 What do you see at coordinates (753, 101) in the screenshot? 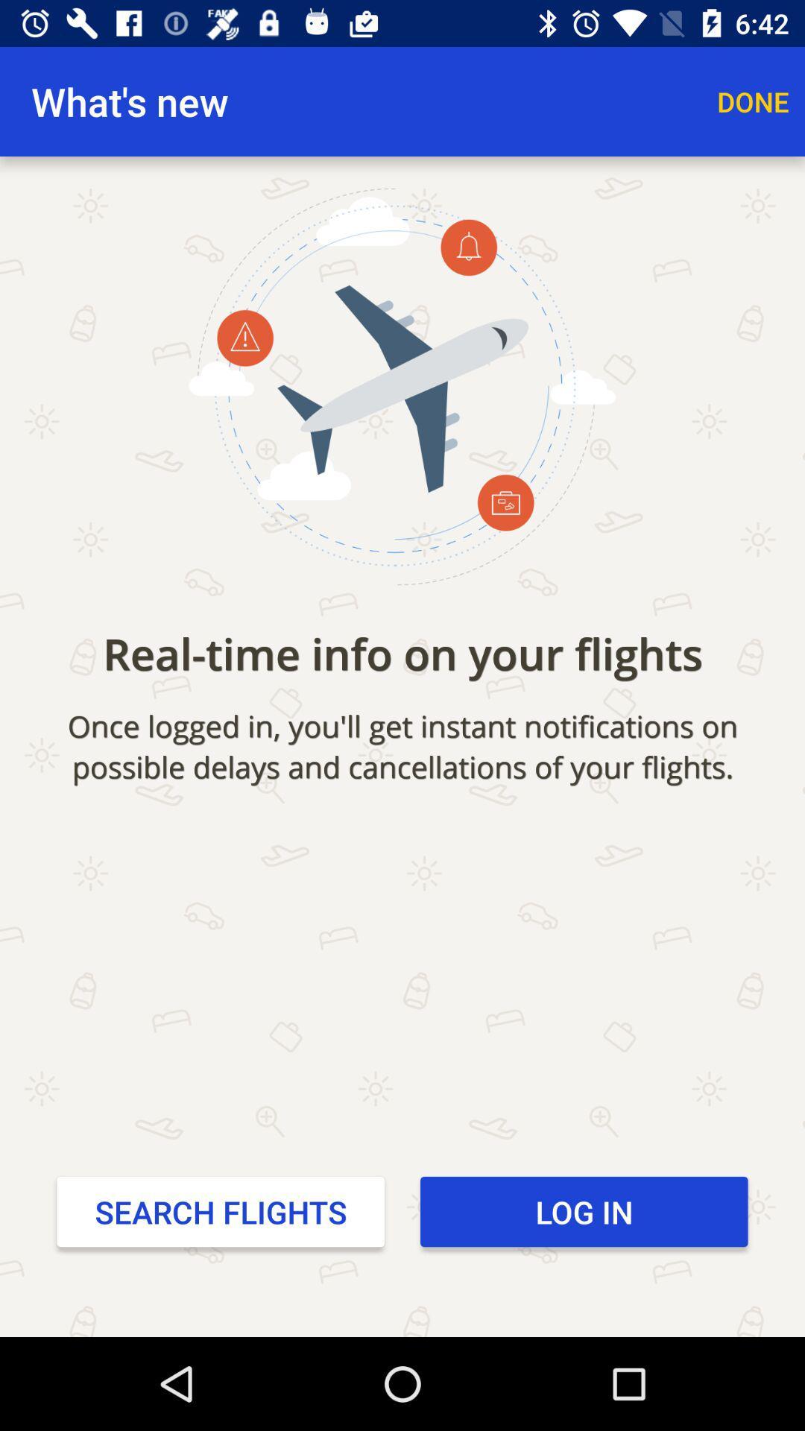
I see `the done item` at bounding box center [753, 101].